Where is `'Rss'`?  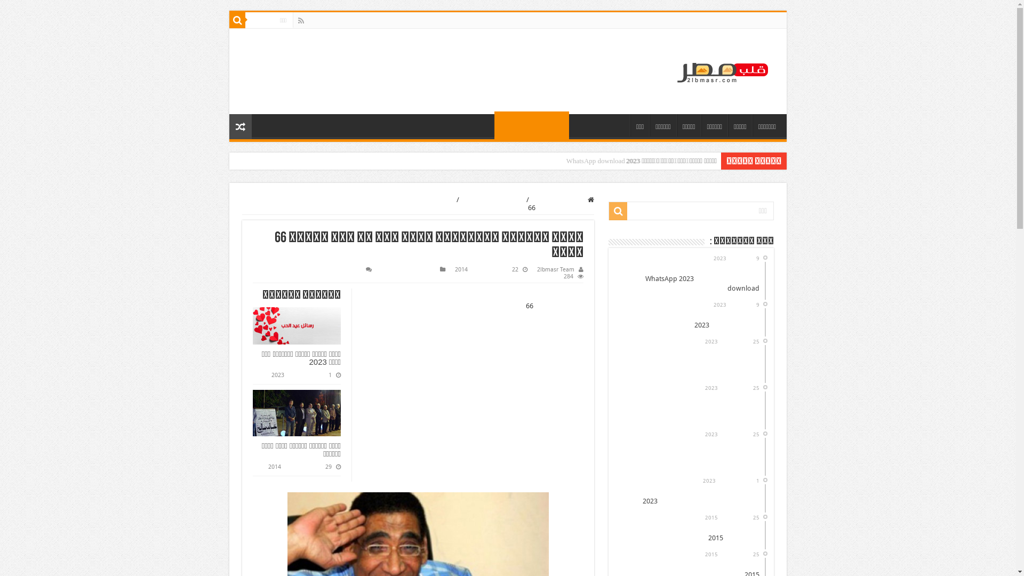
'Rss' is located at coordinates (297, 20).